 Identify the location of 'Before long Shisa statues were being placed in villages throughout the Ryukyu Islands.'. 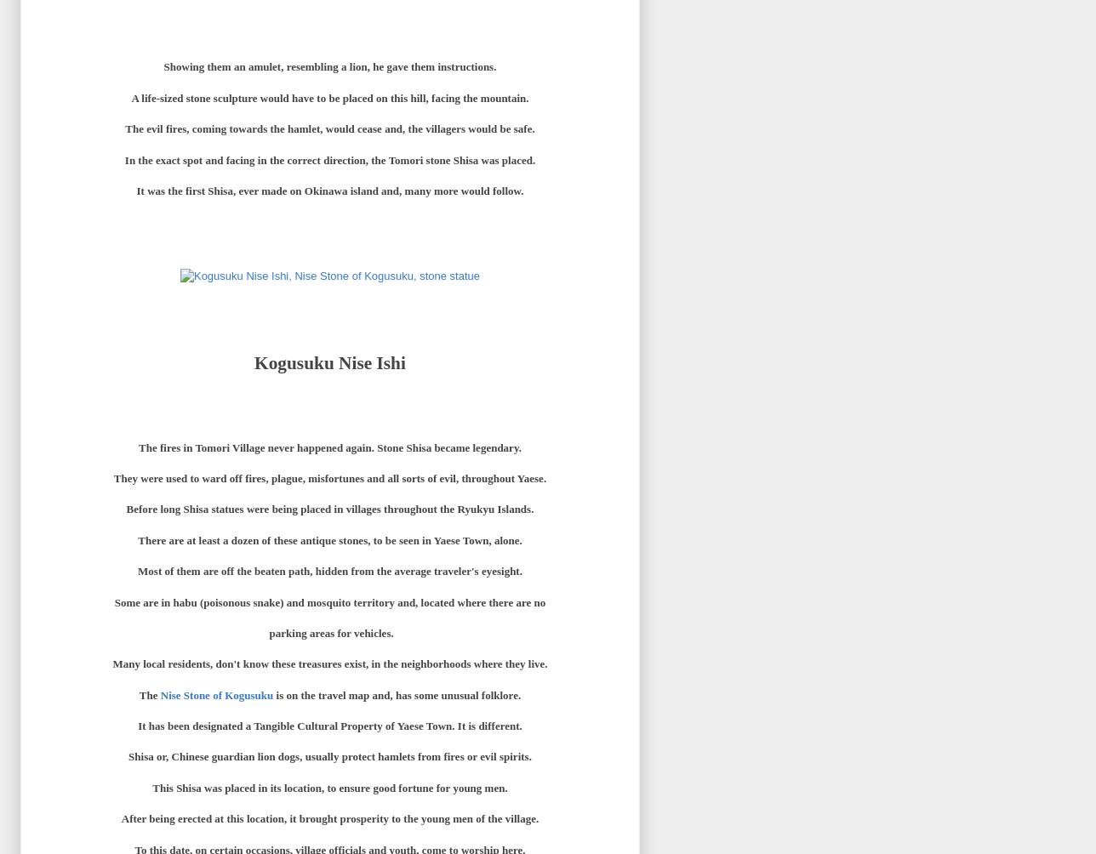
(329, 509).